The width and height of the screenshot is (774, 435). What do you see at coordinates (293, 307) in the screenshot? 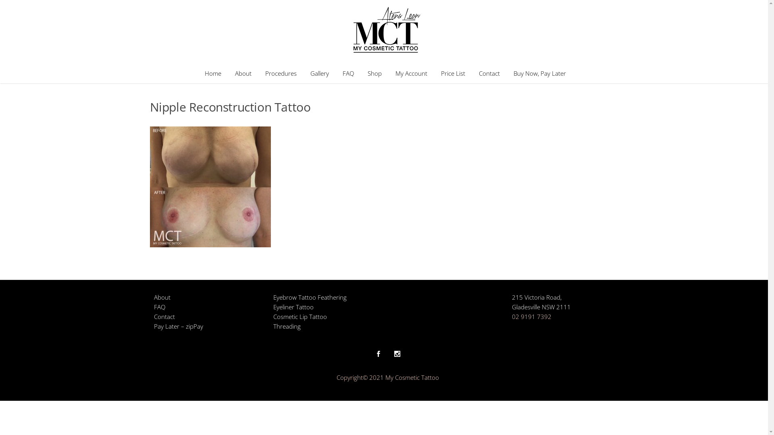
I see `'Eyeliner Tattoo'` at bounding box center [293, 307].